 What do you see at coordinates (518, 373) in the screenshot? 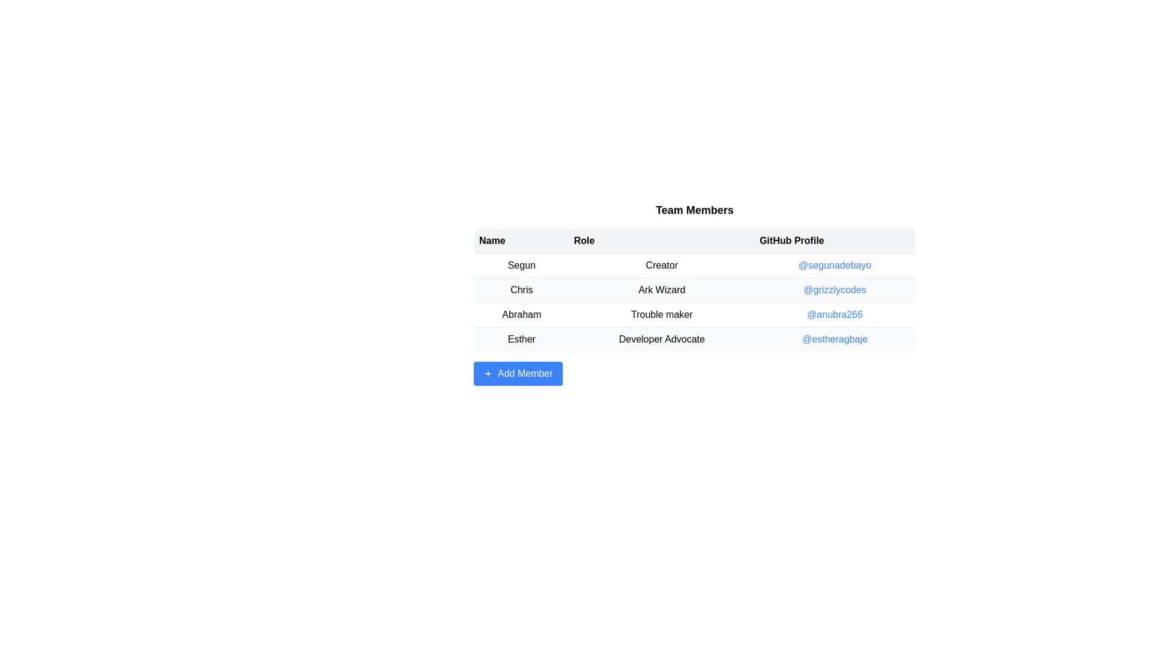
I see `the button located below the team members table to initiate adding a new member` at bounding box center [518, 373].